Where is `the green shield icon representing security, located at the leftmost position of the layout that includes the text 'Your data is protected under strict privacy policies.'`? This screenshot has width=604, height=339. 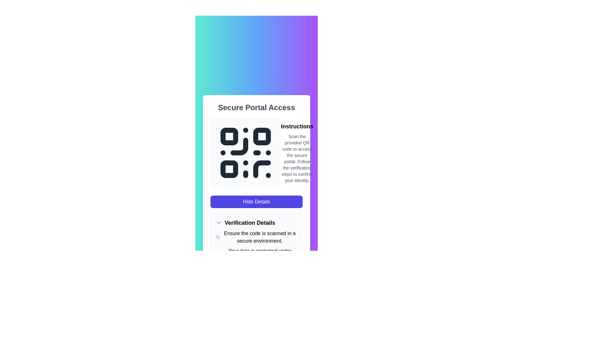
the green shield icon representing security, located at the leftmost position of the layout that includes the text 'Your data is protected under strict privacy policies.' is located at coordinates (218, 255).